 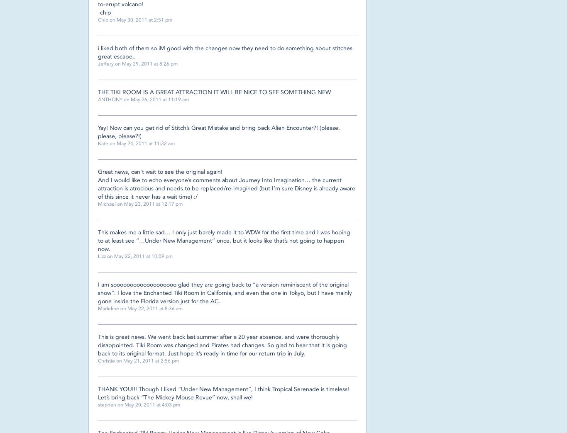 What do you see at coordinates (107, 404) in the screenshot?
I see `'stephen'` at bounding box center [107, 404].